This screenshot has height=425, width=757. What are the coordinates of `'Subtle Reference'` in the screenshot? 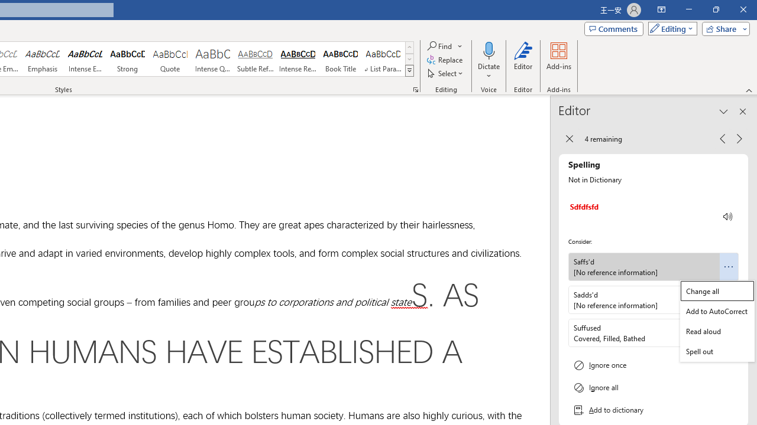 It's located at (255, 59).